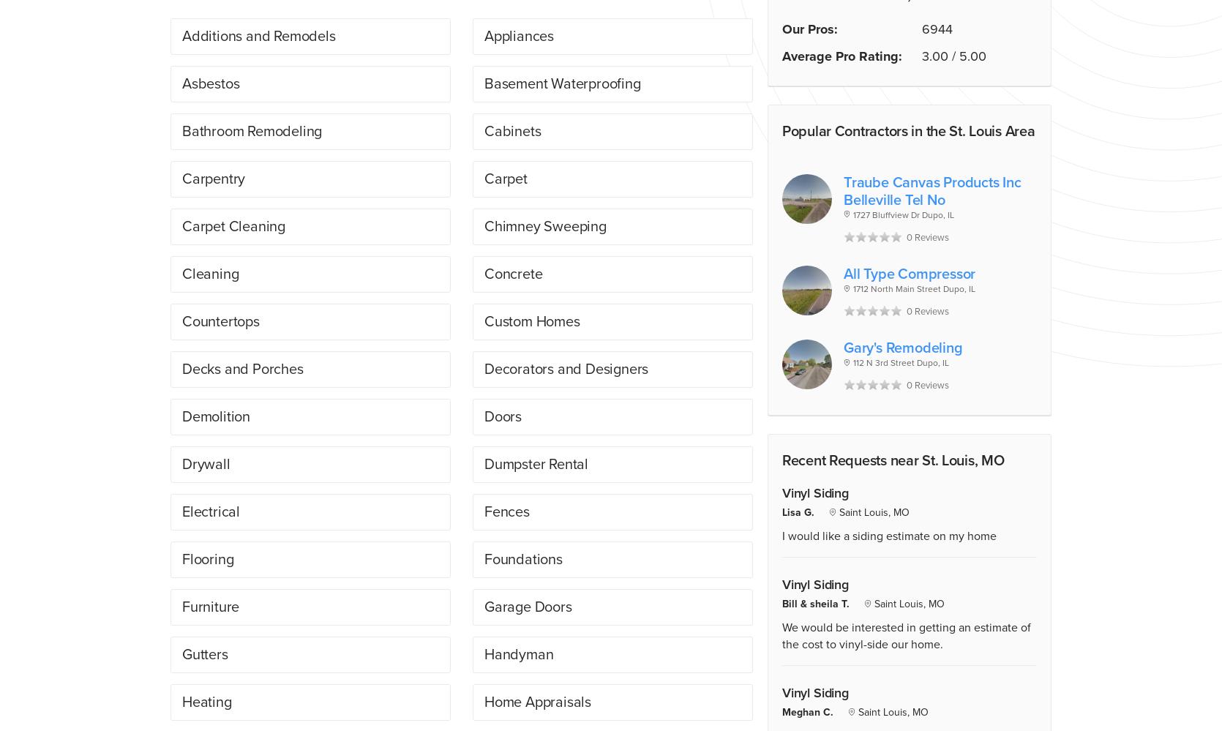  Describe the element at coordinates (519, 35) in the screenshot. I see `'Appliances'` at that location.